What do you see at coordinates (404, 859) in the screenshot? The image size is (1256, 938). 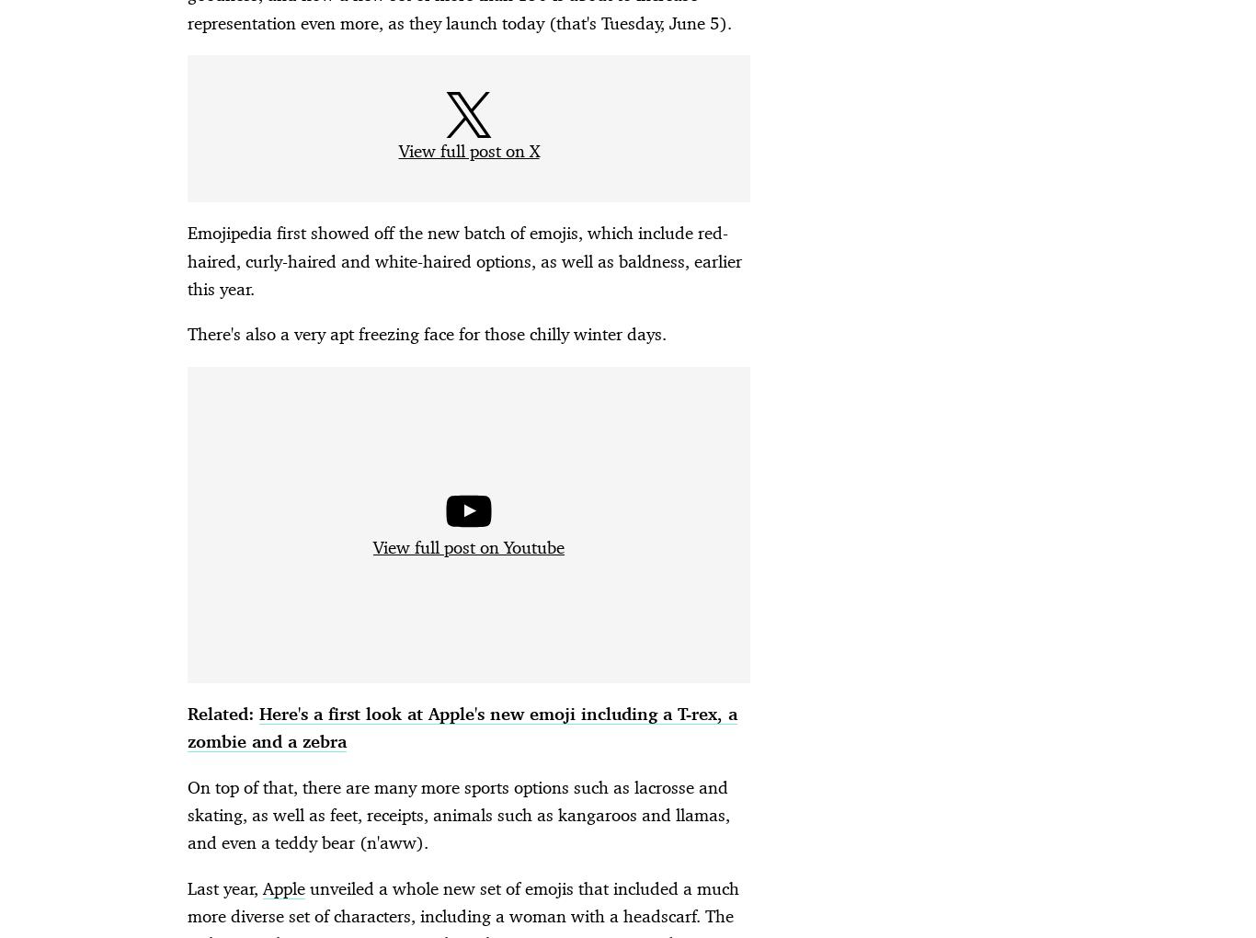 I see `'LGBTQ+ Spy'` at bounding box center [404, 859].